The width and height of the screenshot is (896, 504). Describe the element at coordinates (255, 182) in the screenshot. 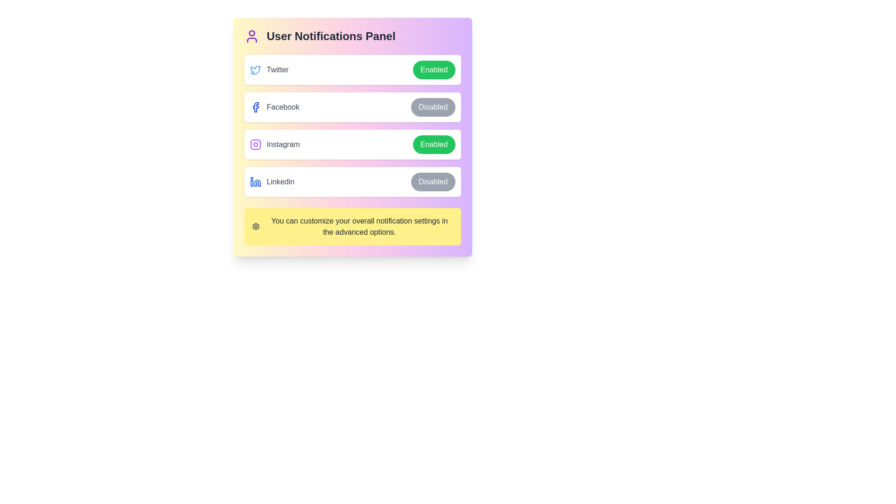

I see `the LinkedIn icon, styled in blue with clean, rounded edges, located in the notification panel adjacent to the text label 'Linkedin'` at that location.